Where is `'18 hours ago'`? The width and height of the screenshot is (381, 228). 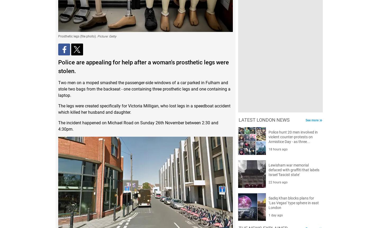 '18 hours ago' is located at coordinates (278, 149).